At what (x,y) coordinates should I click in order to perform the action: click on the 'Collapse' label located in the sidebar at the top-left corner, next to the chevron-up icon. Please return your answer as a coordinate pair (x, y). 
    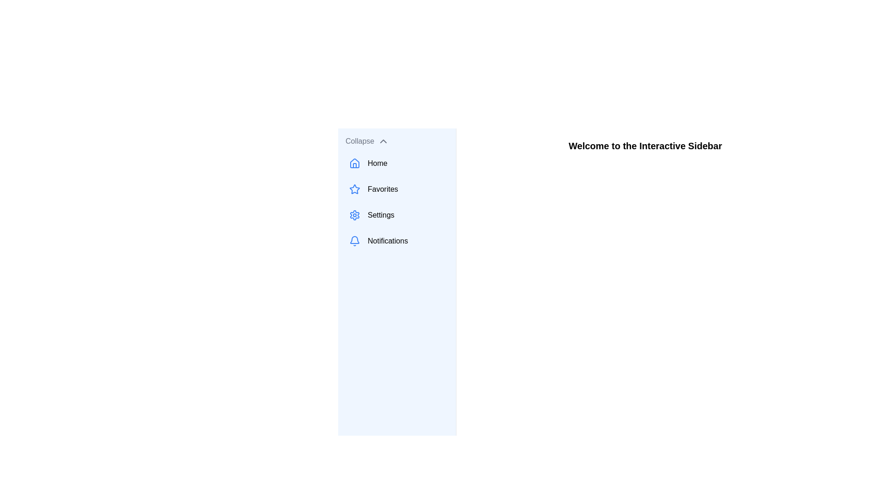
    Looking at the image, I should click on (359, 141).